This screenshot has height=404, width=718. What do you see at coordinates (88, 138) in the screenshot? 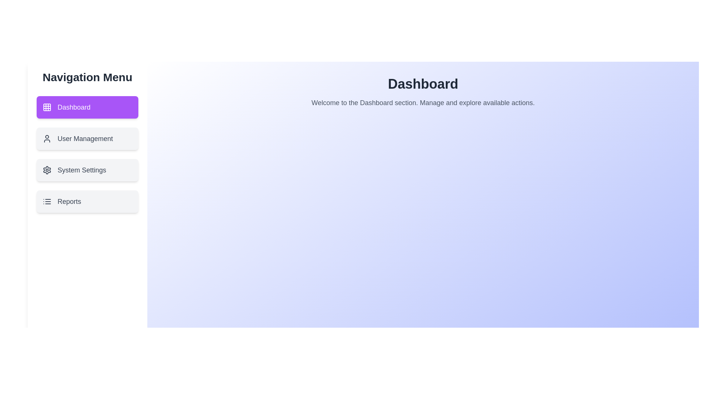
I see `the menu item User Management to observe its hover effect` at bounding box center [88, 138].